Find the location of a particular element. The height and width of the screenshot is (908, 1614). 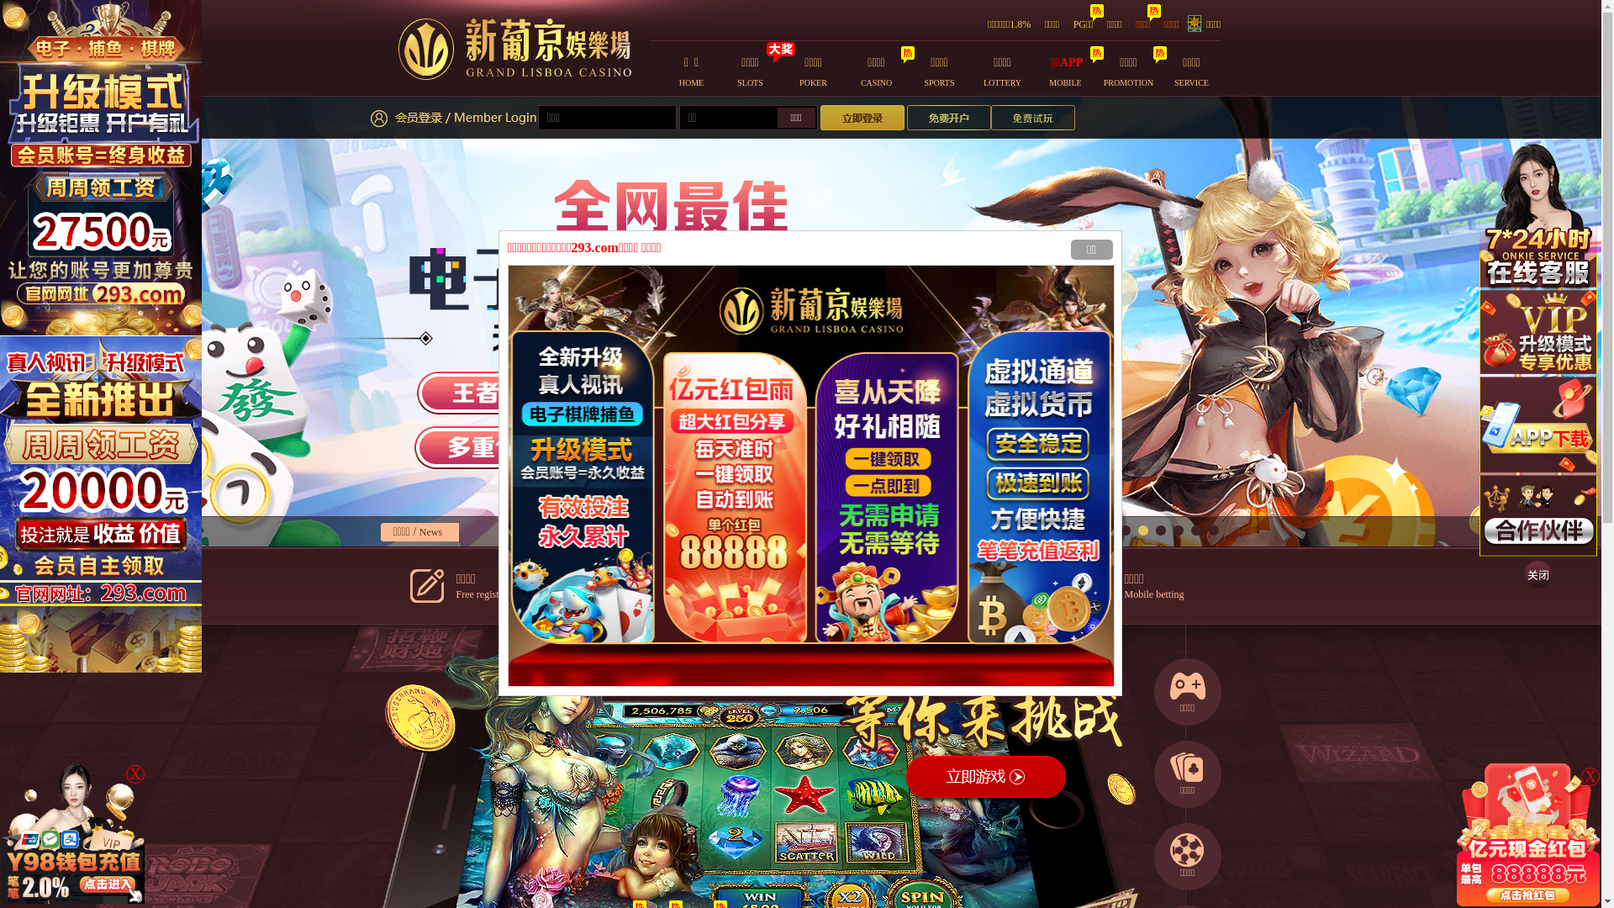

'X' is located at coordinates (1589, 777).